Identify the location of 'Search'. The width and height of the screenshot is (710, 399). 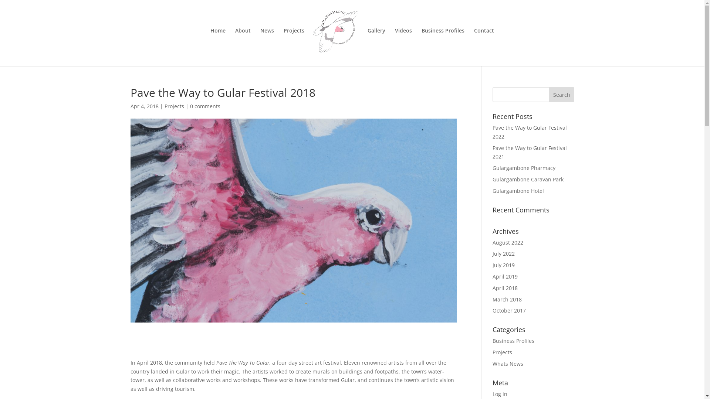
(561, 94).